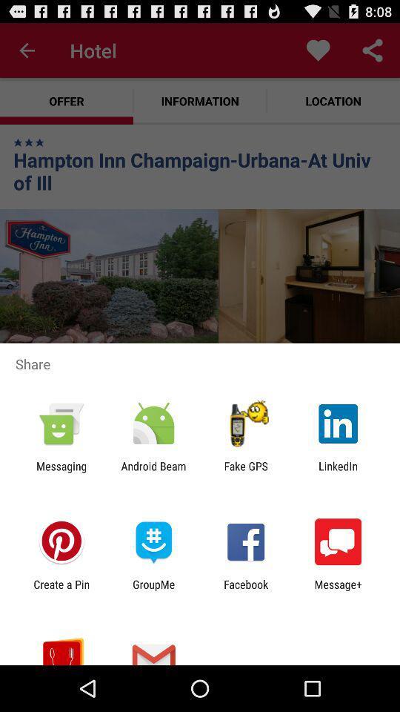  I want to click on the icon to the left of the message+, so click(246, 590).